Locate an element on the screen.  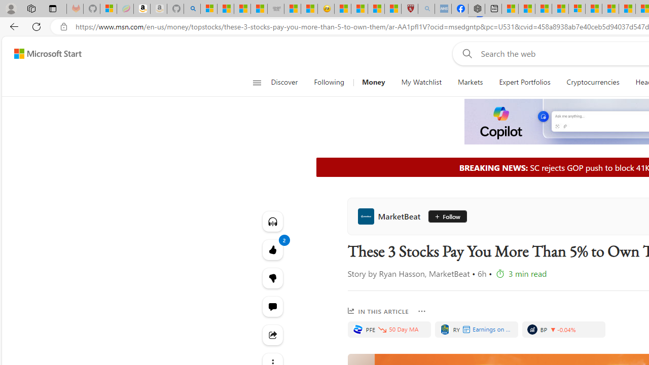
'Combat Siege' is located at coordinates (276, 9).